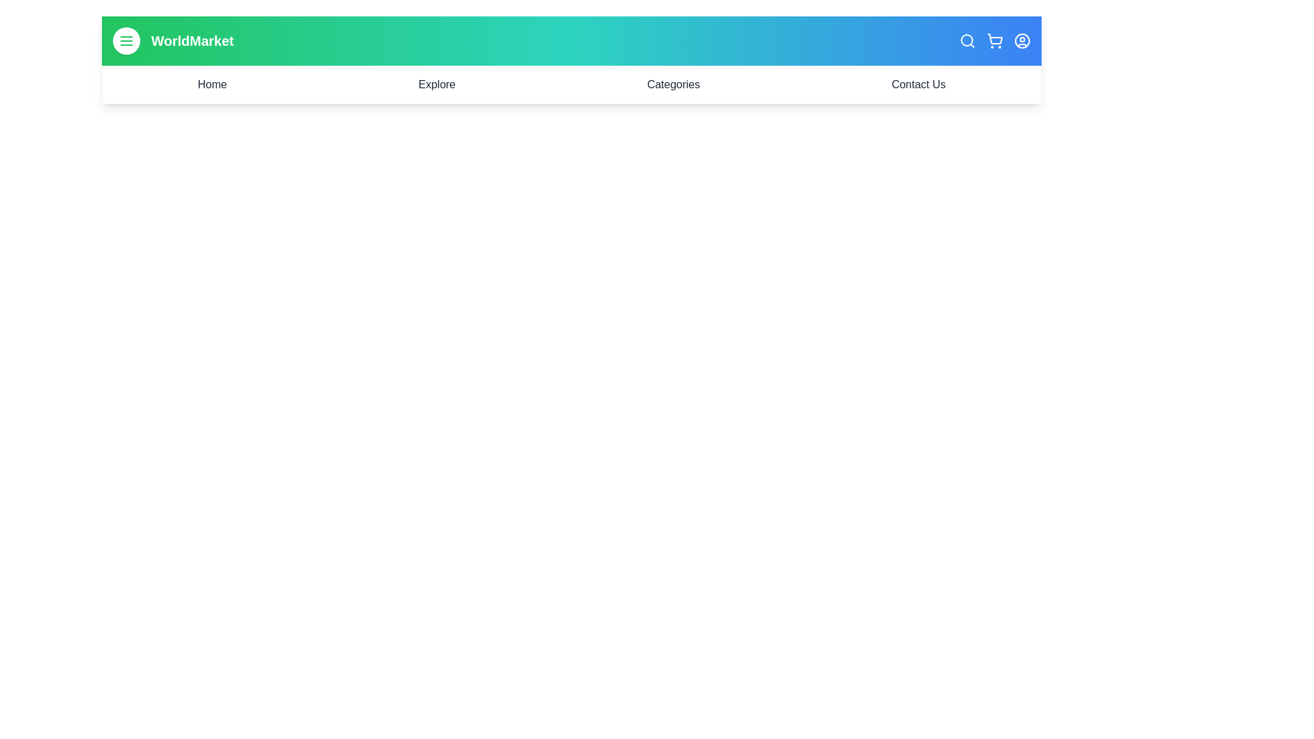 The height and width of the screenshot is (739, 1314). I want to click on the 'Home' link in the navigation bar, so click(211, 84).